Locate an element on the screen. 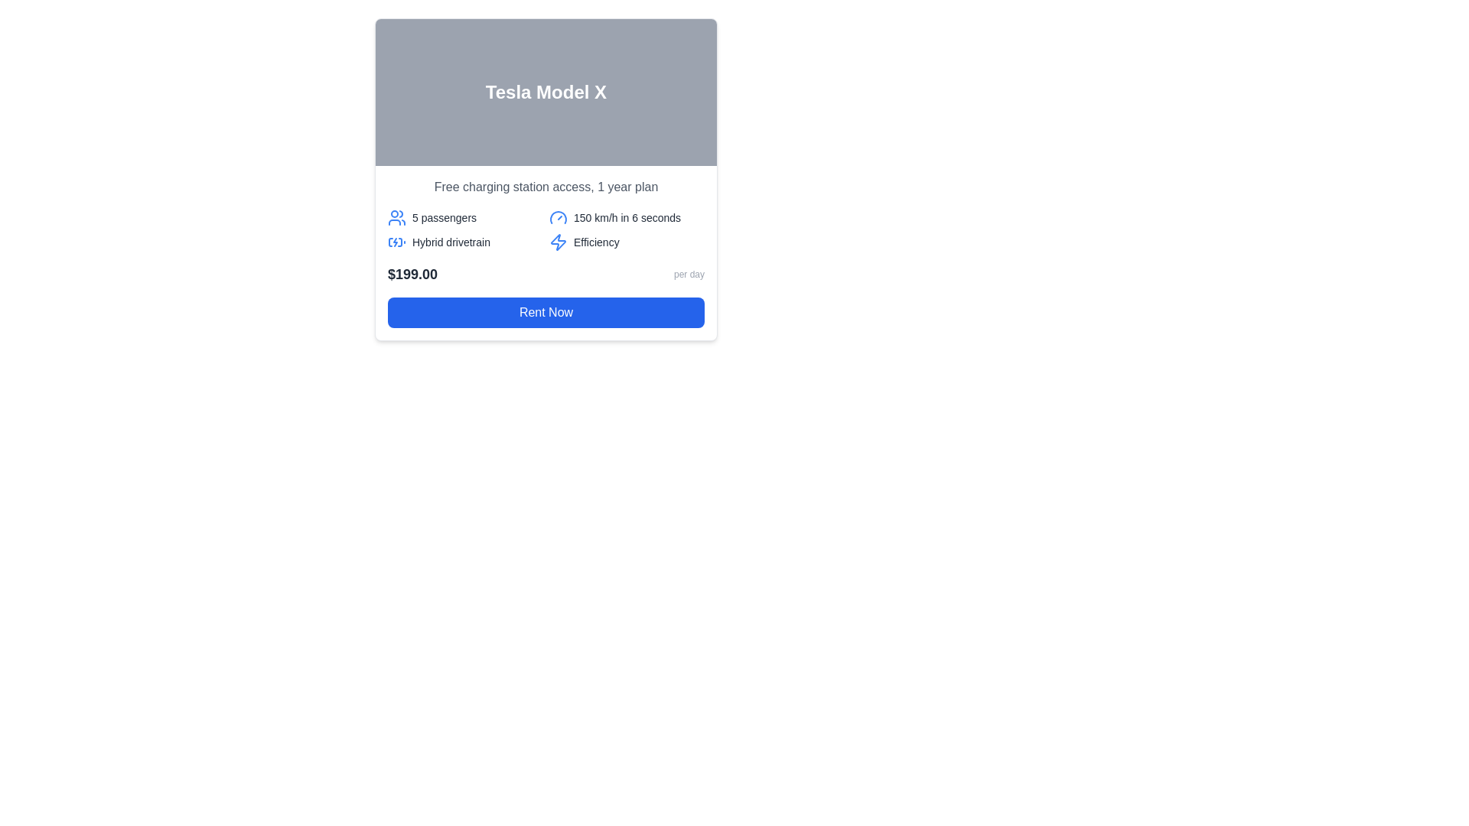 The height and width of the screenshot is (826, 1469). the text label displaying 'Efficiency' in gray color located towards the bottom right of the card layout, adjacent to the efficiency icon is located at coordinates (595, 241).